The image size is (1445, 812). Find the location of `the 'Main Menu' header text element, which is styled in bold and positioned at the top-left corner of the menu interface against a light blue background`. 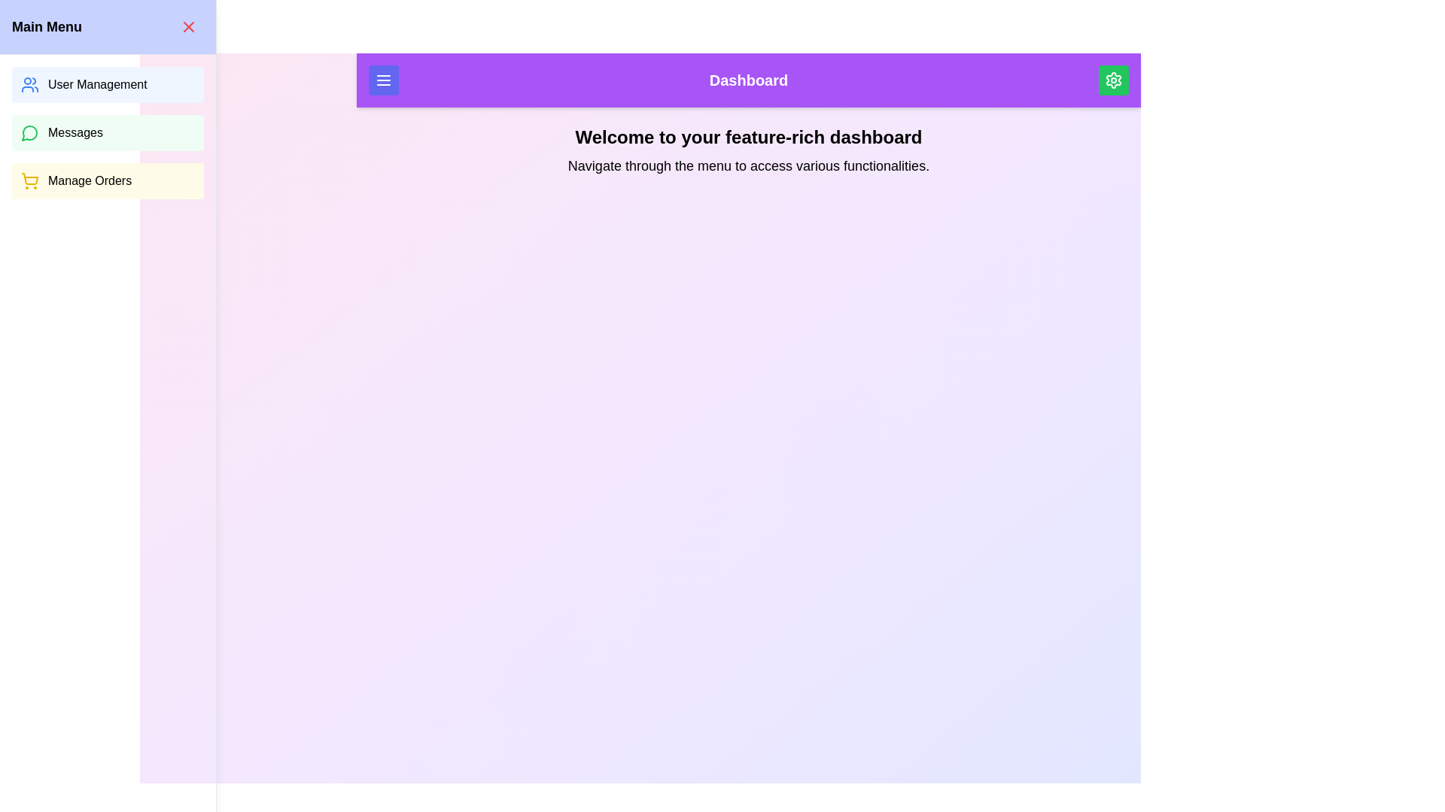

the 'Main Menu' header text element, which is styled in bold and positioned at the top-left corner of the menu interface against a light blue background is located at coordinates (47, 26).